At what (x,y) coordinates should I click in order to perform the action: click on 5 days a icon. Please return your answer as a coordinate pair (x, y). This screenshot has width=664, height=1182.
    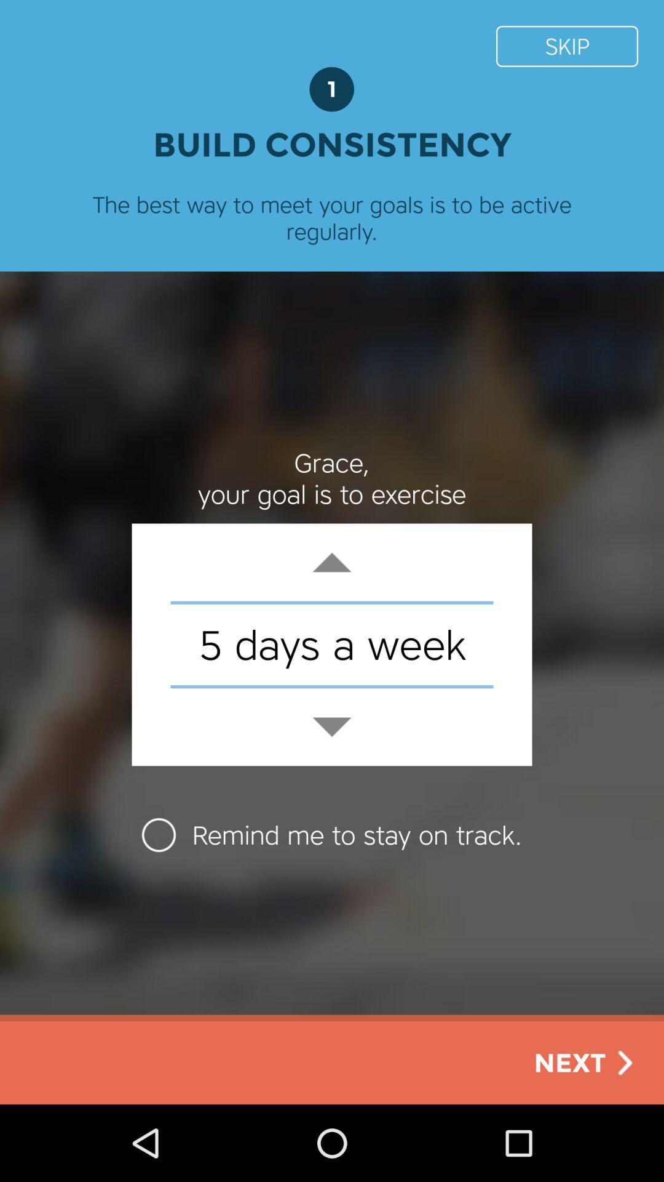
    Looking at the image, I should click on (332, 644).